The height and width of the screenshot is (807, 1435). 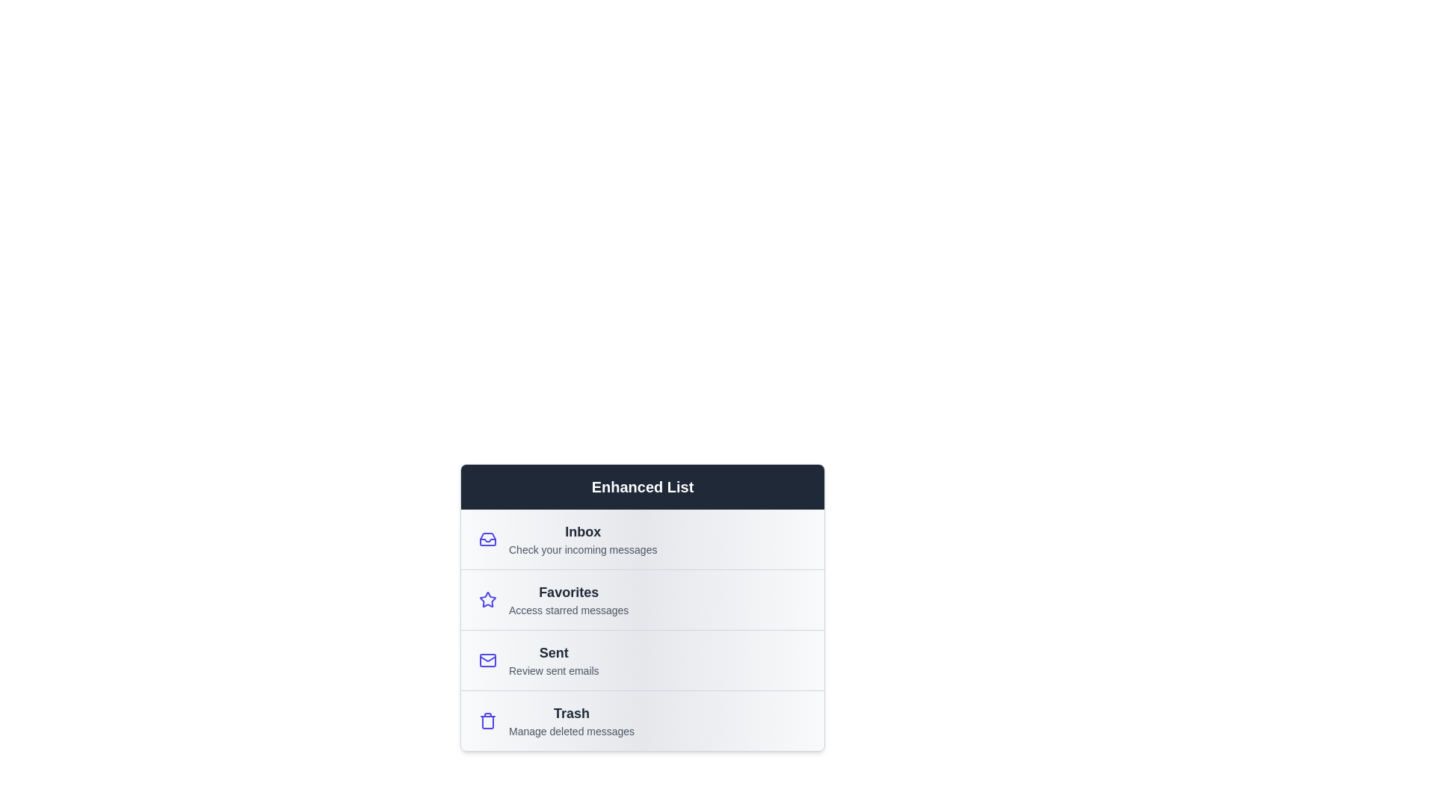 I want to click on the 'Trash' text label, which is bold and large, displaying in dark gray color, positioned at the bottom of the list in the 'Enhanced List' modal, so click(x=571, y=713).